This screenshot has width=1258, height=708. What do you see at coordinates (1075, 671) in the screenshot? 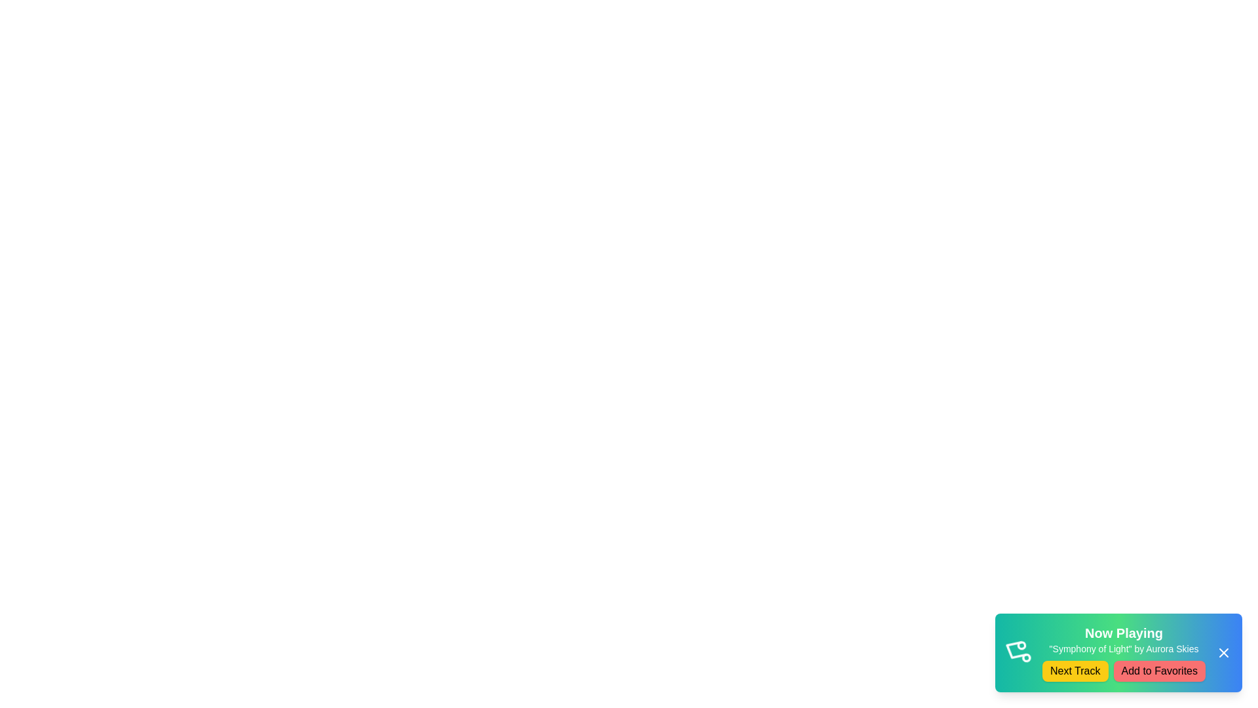
I see `the 'Next Track' button to play the next track` at bounding box center [1075, 671].